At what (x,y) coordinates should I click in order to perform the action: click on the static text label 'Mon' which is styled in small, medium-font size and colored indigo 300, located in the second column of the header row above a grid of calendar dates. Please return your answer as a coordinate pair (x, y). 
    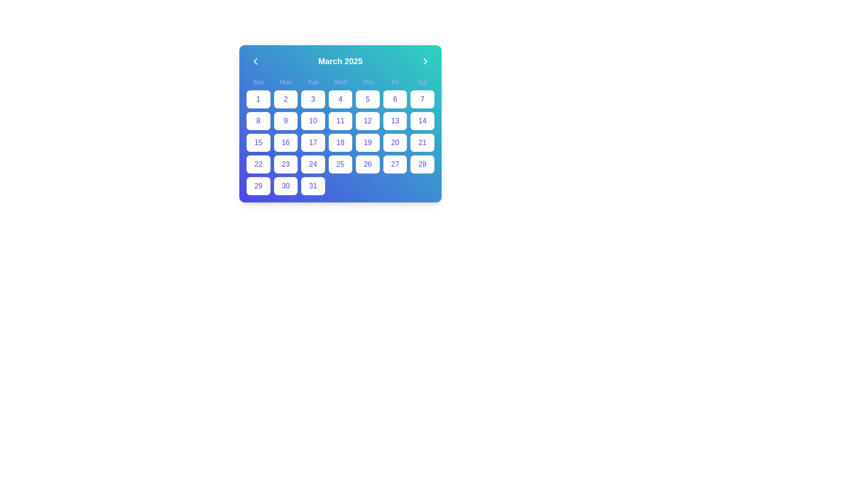
    Looking at the image, I should click on (285, 82).